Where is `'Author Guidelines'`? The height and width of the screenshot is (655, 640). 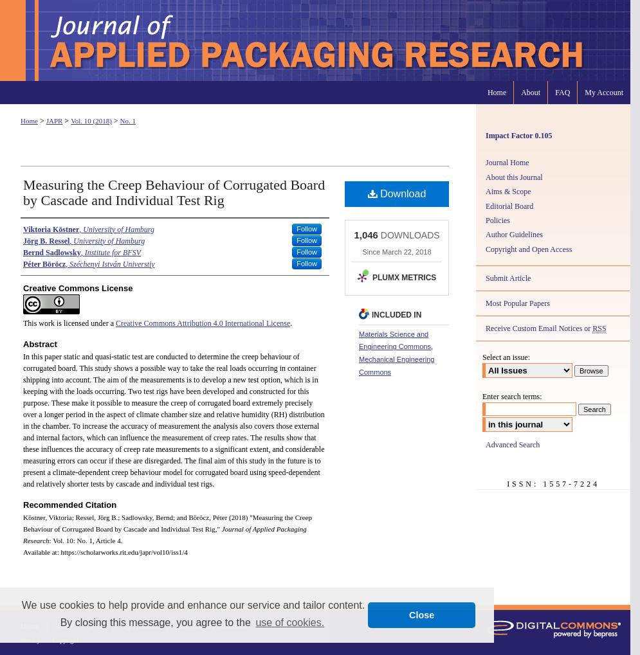 'Author Guidelines' is located at coordinates (514, 235).